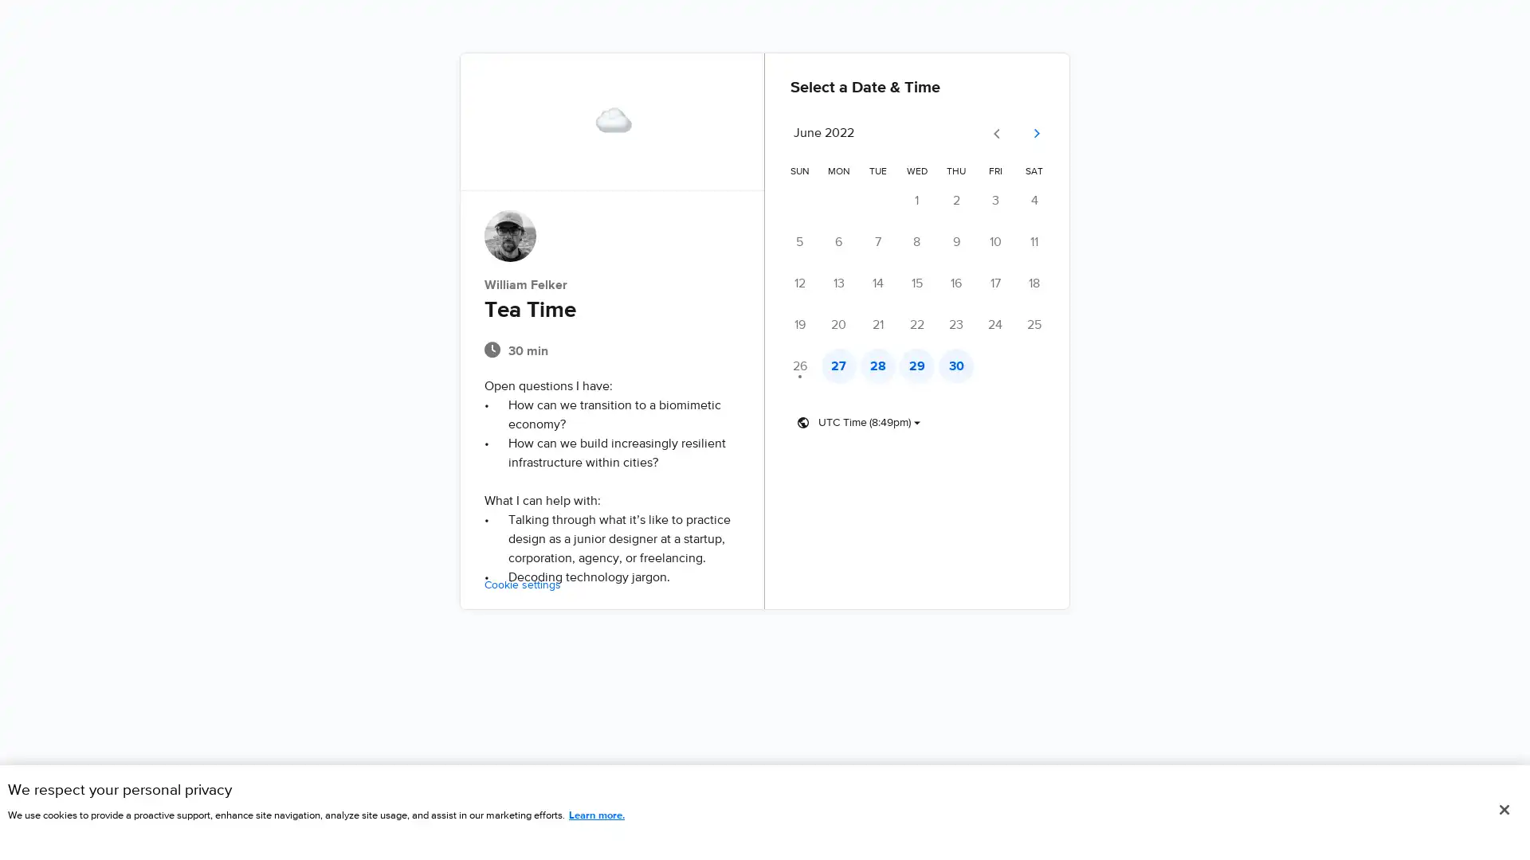 Image resolution: width=1530 pixels, height=860 pixels. I want to click on Tuesday, June 14 - No times available, so click(881, 282).